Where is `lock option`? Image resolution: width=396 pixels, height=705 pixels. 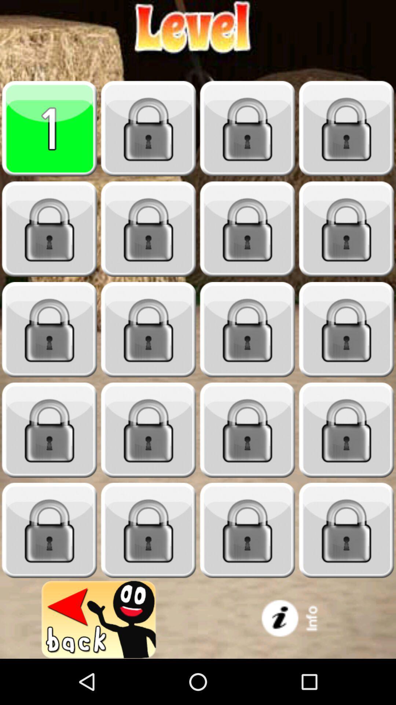 lock option is located at coordinates (148, 129).